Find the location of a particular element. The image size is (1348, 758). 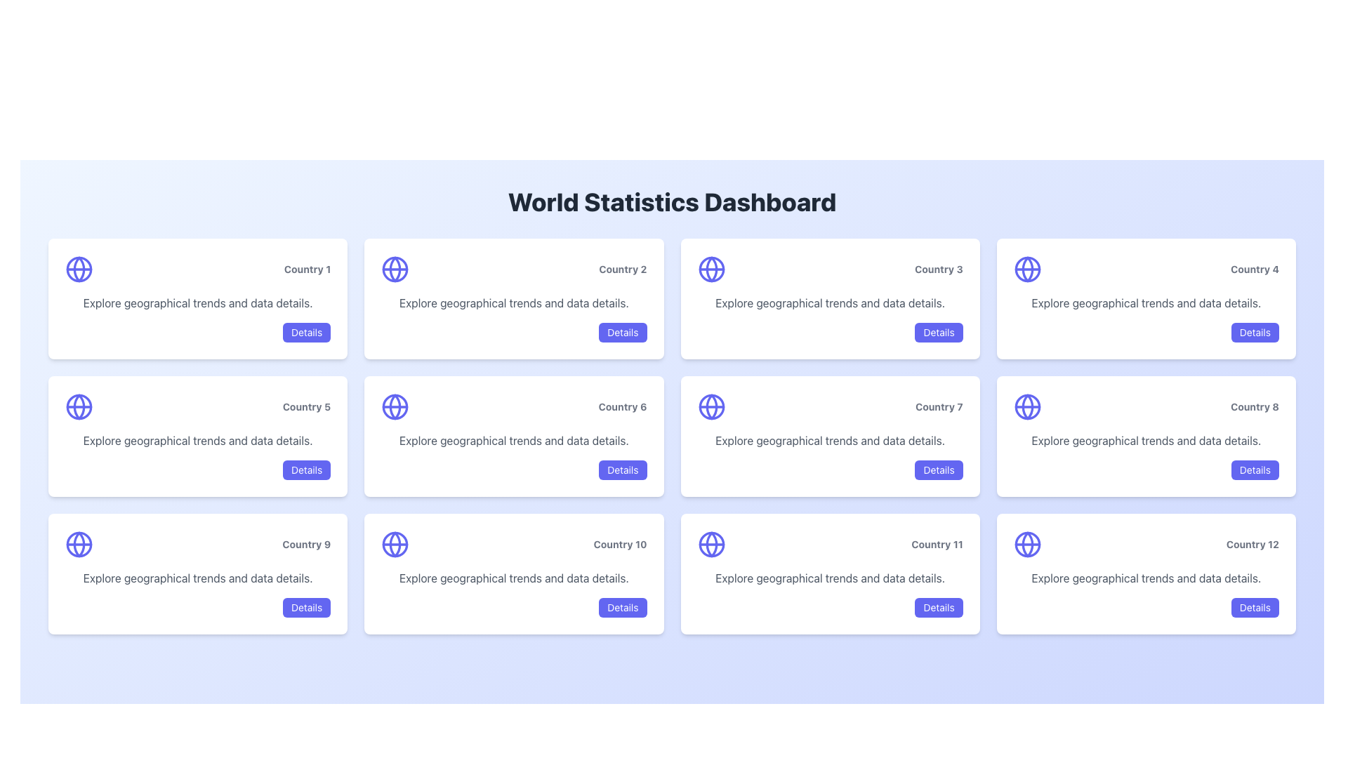

the descriptive text element located in the white card under the title 'Country 4', positioned centrally above the 'Details' button is located at coordinates (1146, 302).